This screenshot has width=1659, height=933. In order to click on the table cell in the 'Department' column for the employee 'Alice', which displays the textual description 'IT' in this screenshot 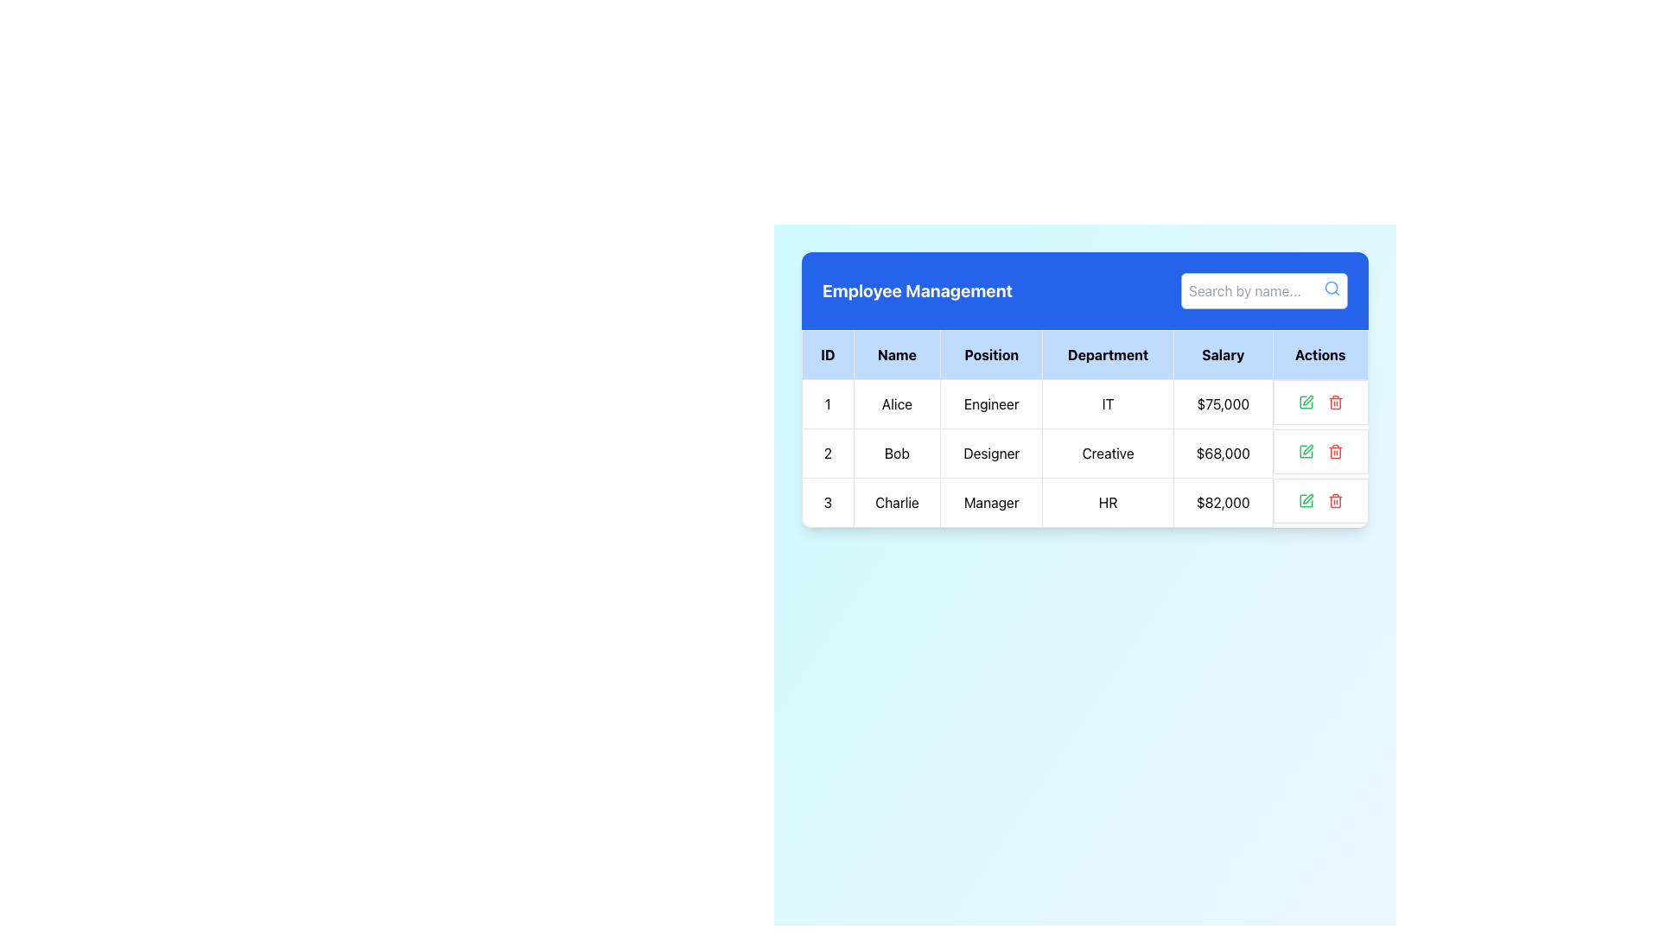, I will do `click(1108, 403)`.